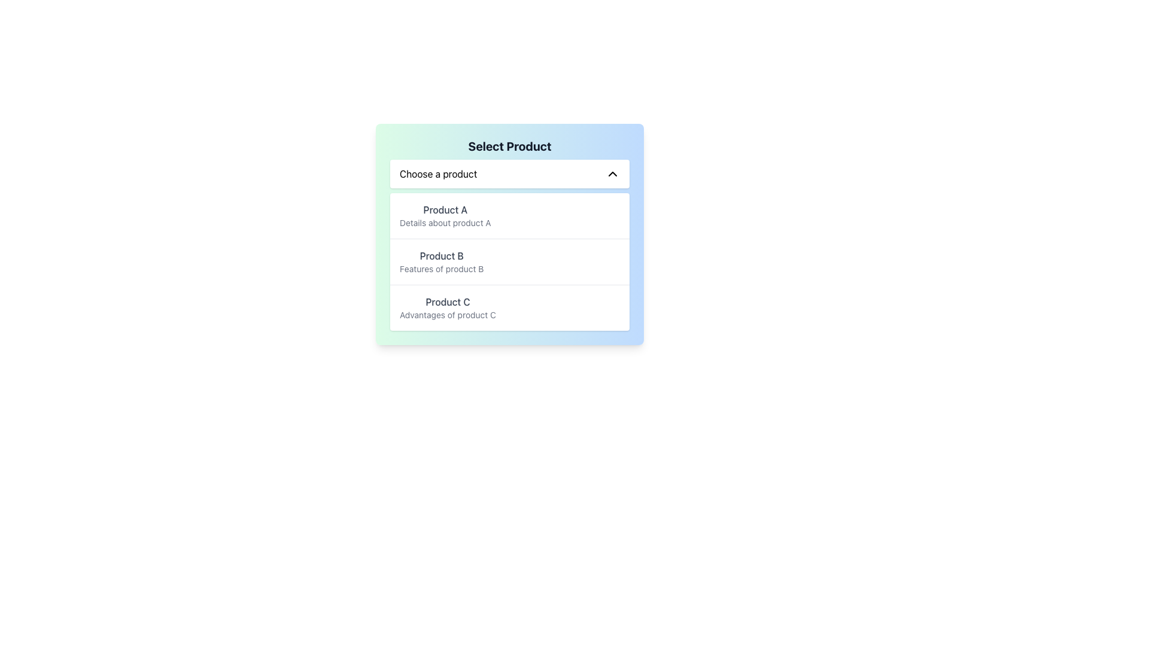 The width and height of the screenshot is (1149, 646). Describe the element at coordinates (509, 261) in the screenshot. I see `the 'Product B' option in the dropdown menu, which is the second item in the list labeled 'Select Product'` at that location.